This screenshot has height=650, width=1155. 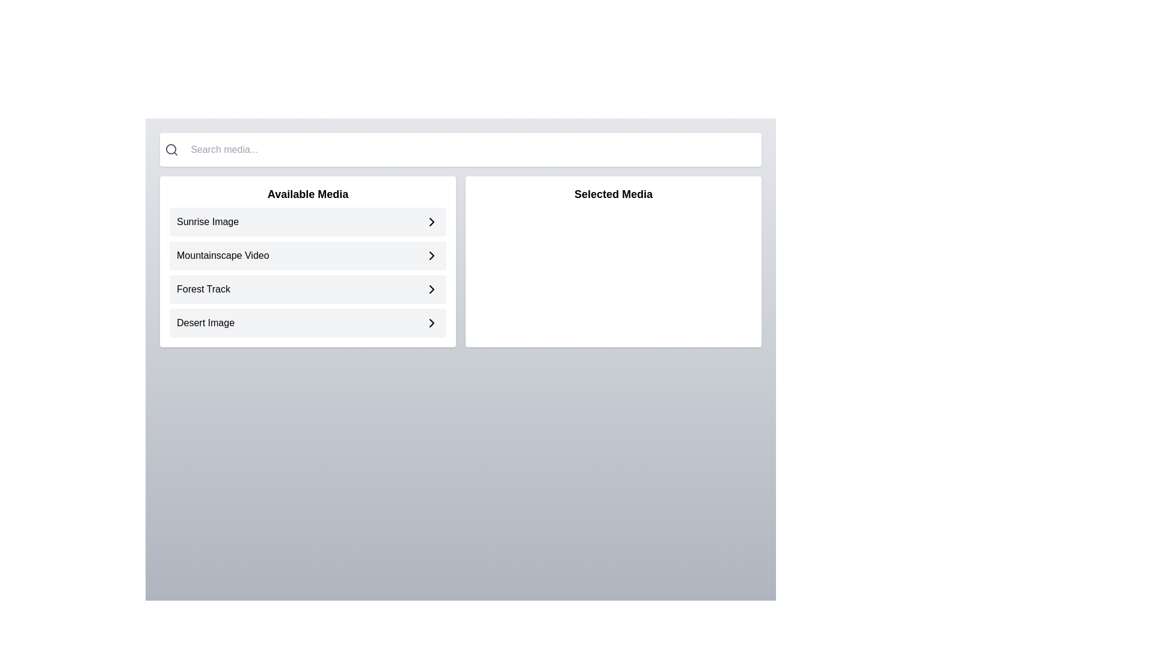 I want to click on the graphical icon that is part of the search button located at the top-left corner of the search bar, adjacent to the textual search input field, so click(x=170, y=149).